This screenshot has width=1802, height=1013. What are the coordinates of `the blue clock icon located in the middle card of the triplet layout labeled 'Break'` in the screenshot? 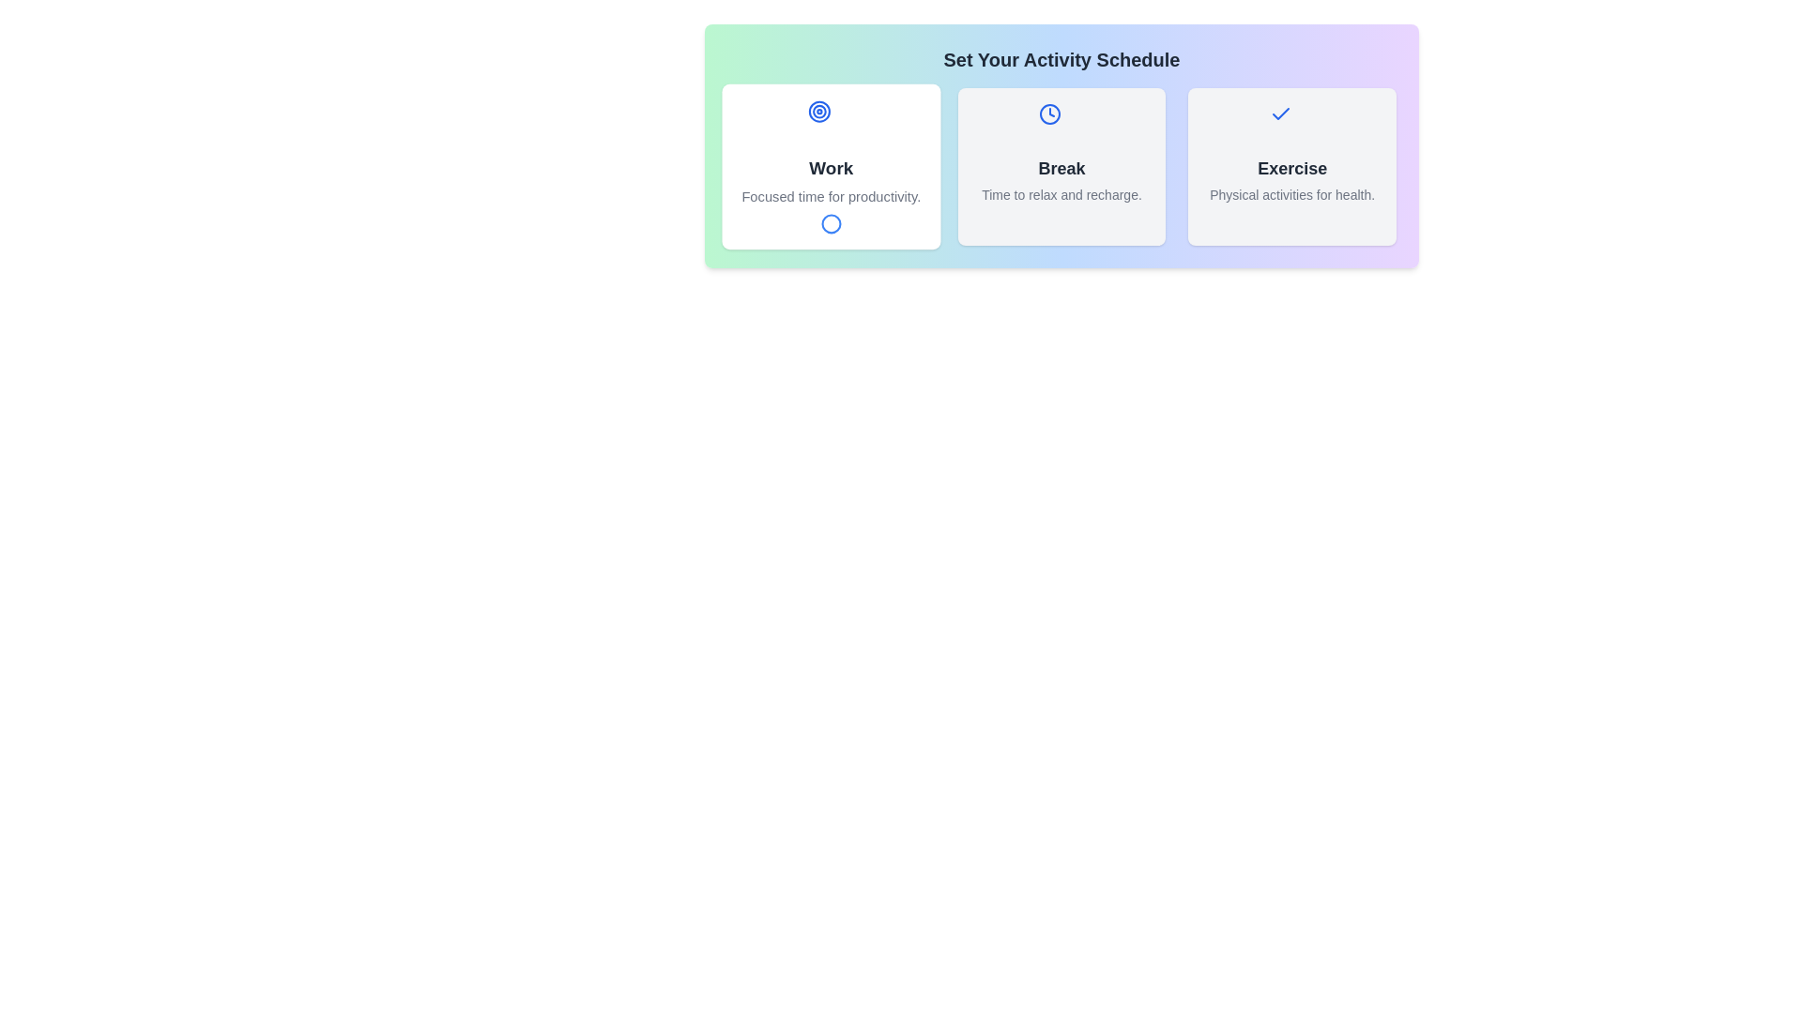 It's located at (1049, 114).